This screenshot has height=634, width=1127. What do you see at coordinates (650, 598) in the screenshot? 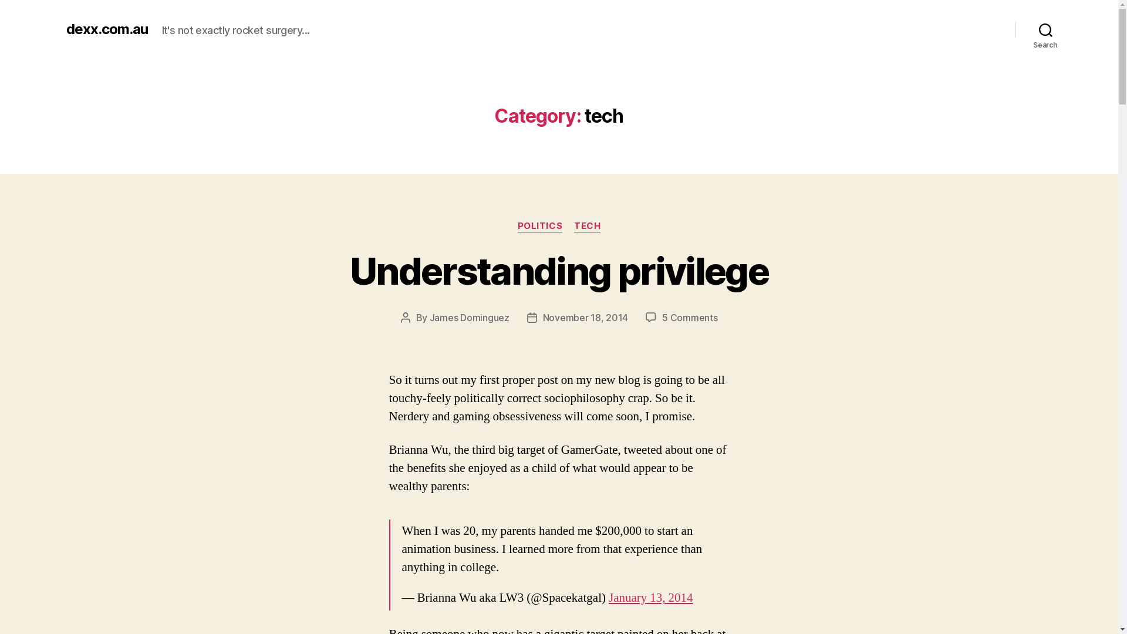
I see `'January 13, 2014'` at bounding box center [650, 598].